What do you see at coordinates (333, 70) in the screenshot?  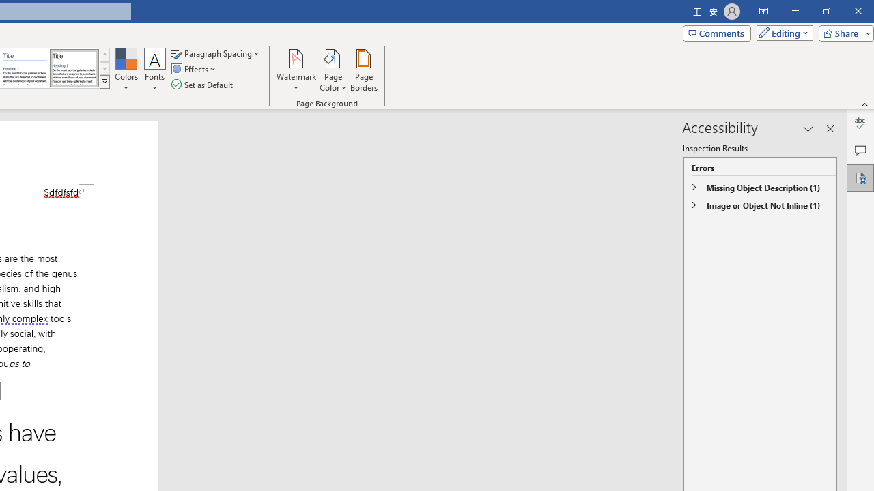 I see `'Page Color'` at bounding box center [333, 70].